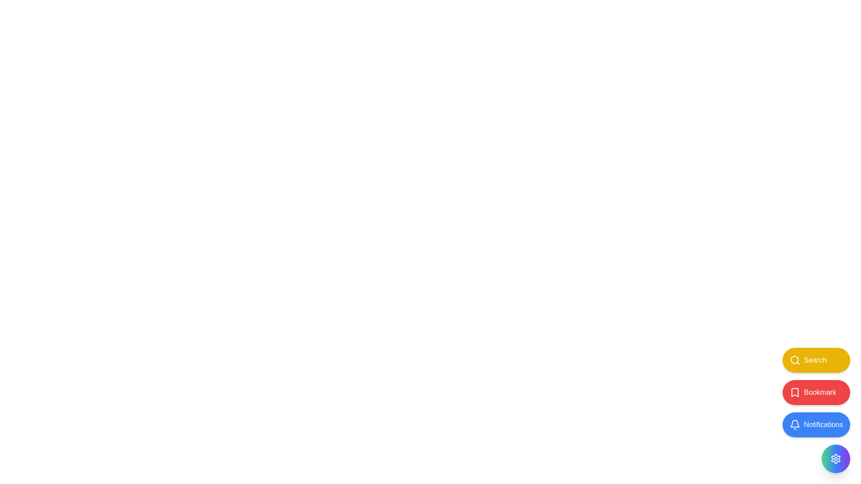 The width and height of the screenshot is (861, 484). What do you see at coordinates (816, 392) in the screenshot?
I see `the circular red button with a white bookmark icon and the text 'Bookmark'` at bounding box center [816, 392].